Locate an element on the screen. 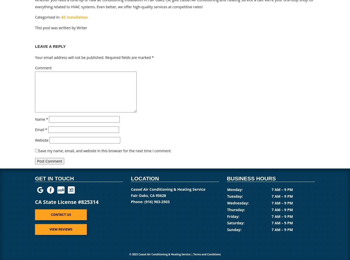 The image size is (350, 260). 'Phone:' is located at coordinates (137, 201).